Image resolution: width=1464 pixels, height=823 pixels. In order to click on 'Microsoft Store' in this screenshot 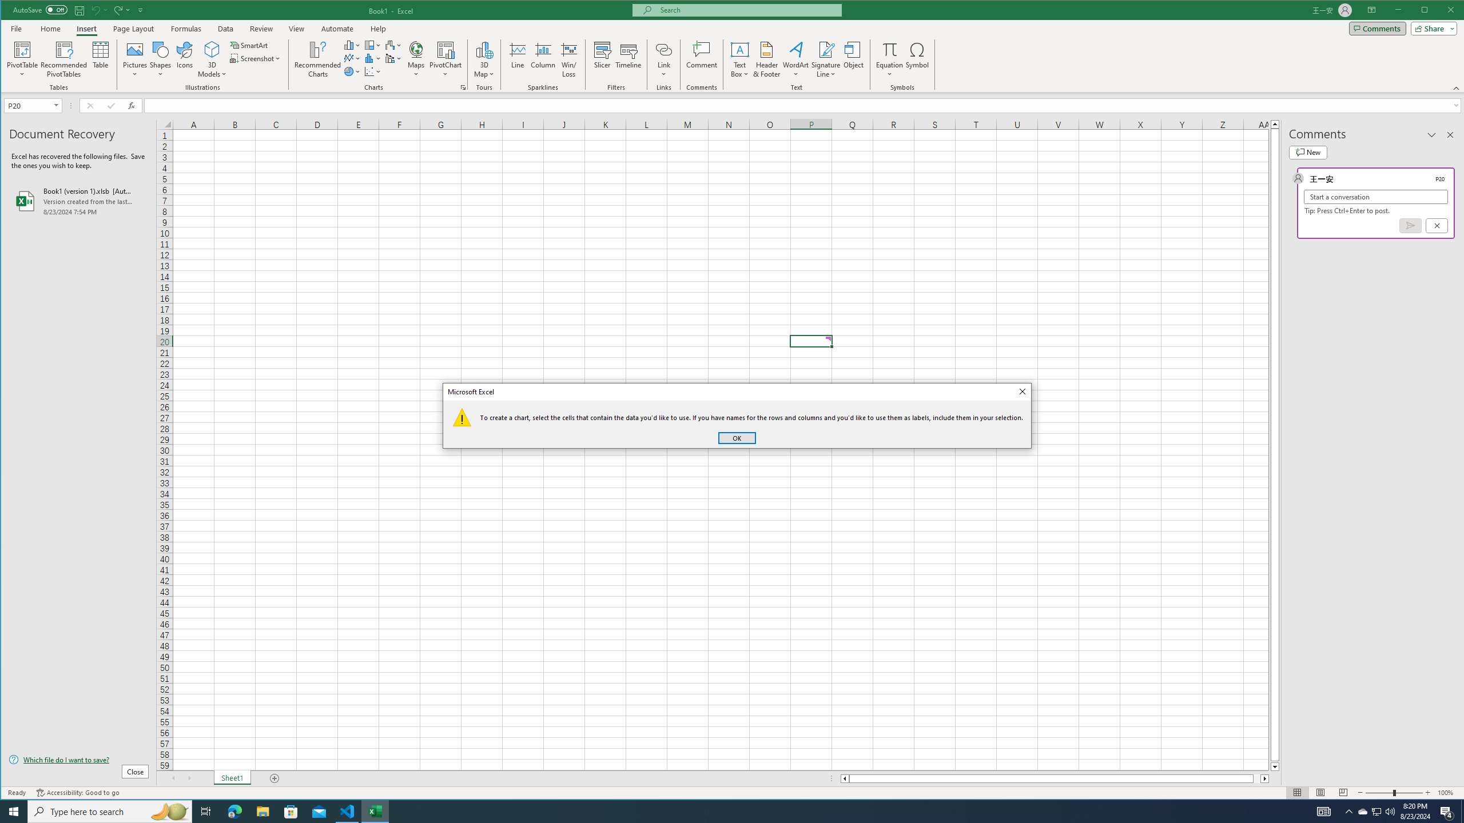, I will do `click(291, 810)`.